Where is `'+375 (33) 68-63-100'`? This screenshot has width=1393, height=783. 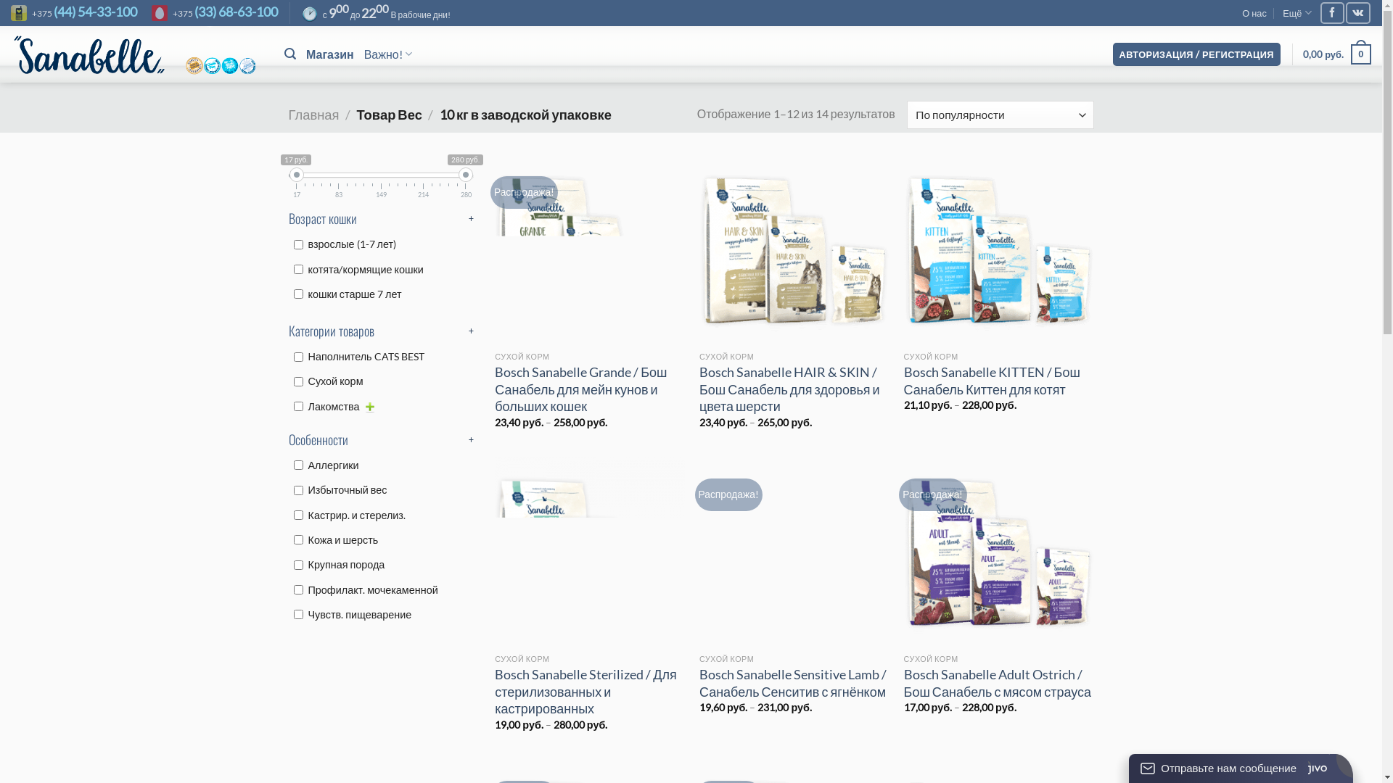 '+375 (33) 68-63-100' is located at coordinates (214, 13).